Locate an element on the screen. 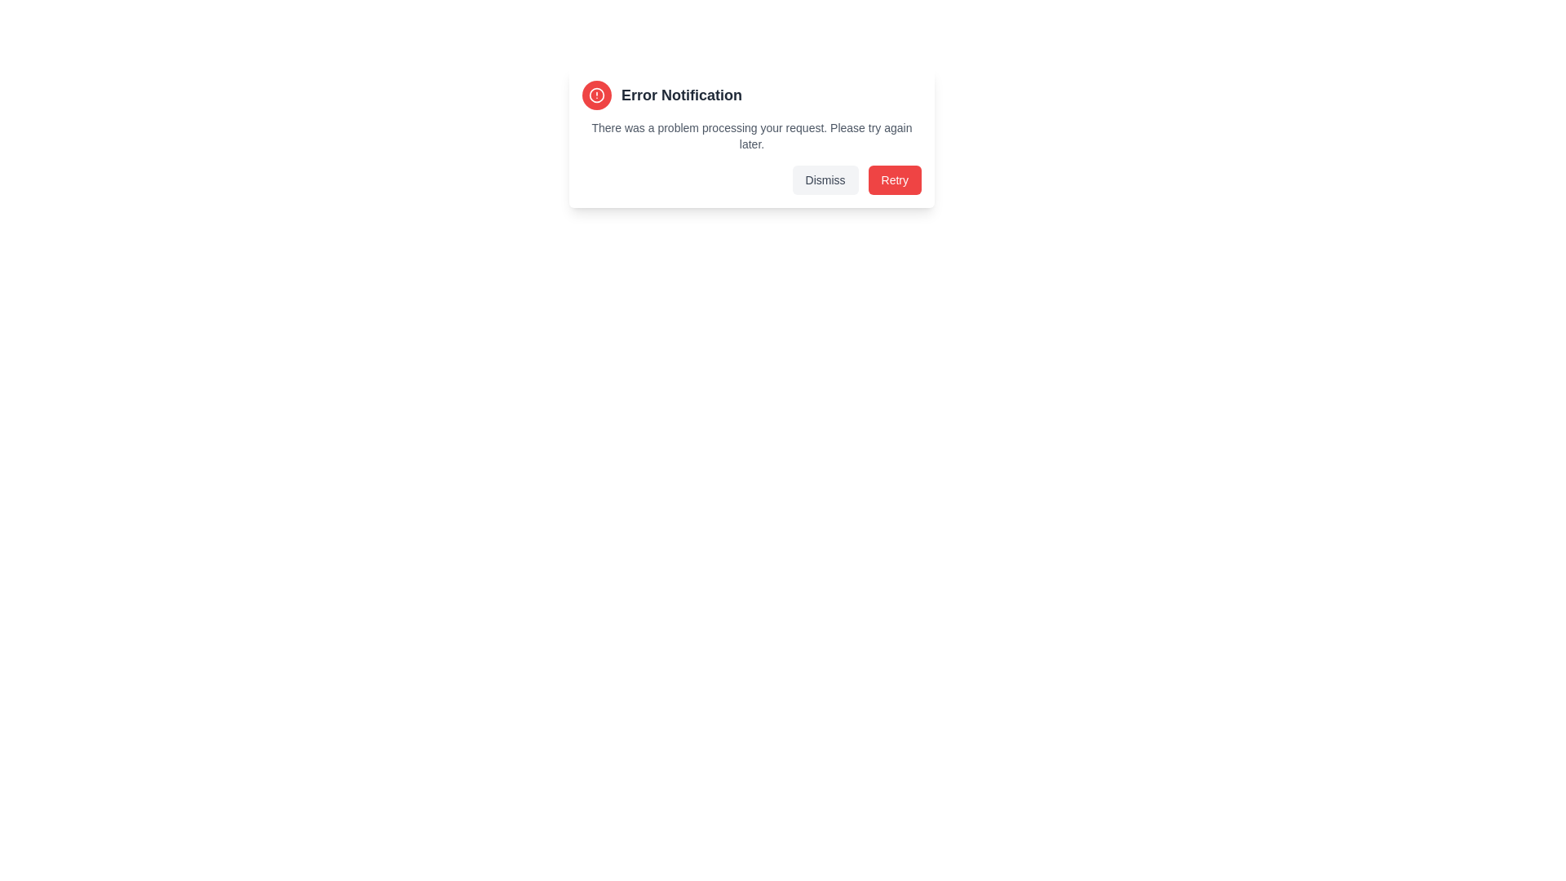 This screenshot has width=1566, height=881. the 'Retry' button to observe its hover effect is located at coordinates (894, 179).